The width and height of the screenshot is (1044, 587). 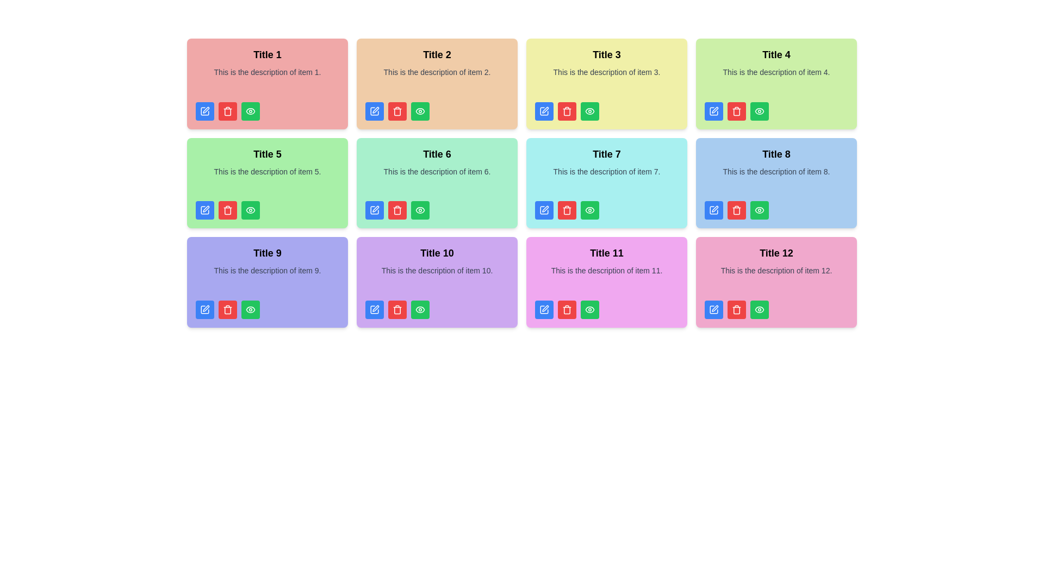 I want to click on the delete button located at the center bottom of the card labeled 'Title 5', so click(x=227, y=210).